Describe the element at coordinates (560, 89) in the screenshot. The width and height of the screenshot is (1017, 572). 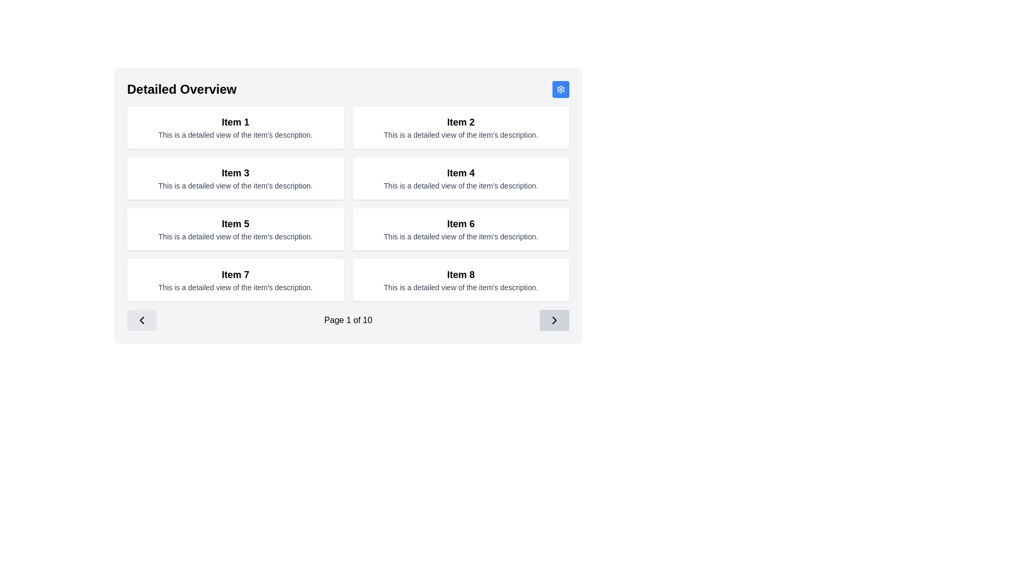
I see `the small, square blue button with a rounded corners and a white settings gear icon located in the top-right corner of the 'Detailed Overview' section` at that location.